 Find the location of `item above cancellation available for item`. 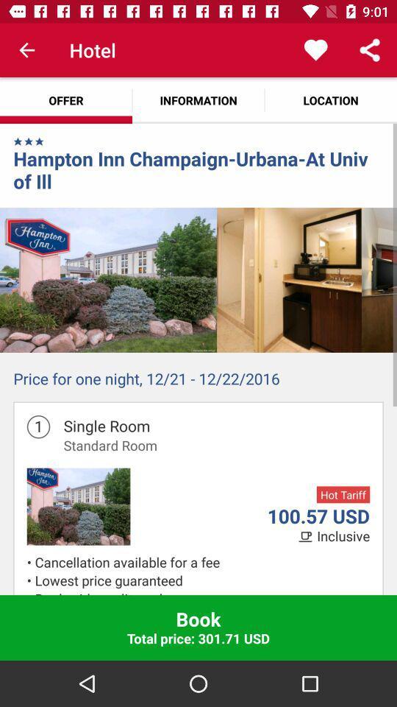

item above cancellation available for item is located at coordinates (343, 535).